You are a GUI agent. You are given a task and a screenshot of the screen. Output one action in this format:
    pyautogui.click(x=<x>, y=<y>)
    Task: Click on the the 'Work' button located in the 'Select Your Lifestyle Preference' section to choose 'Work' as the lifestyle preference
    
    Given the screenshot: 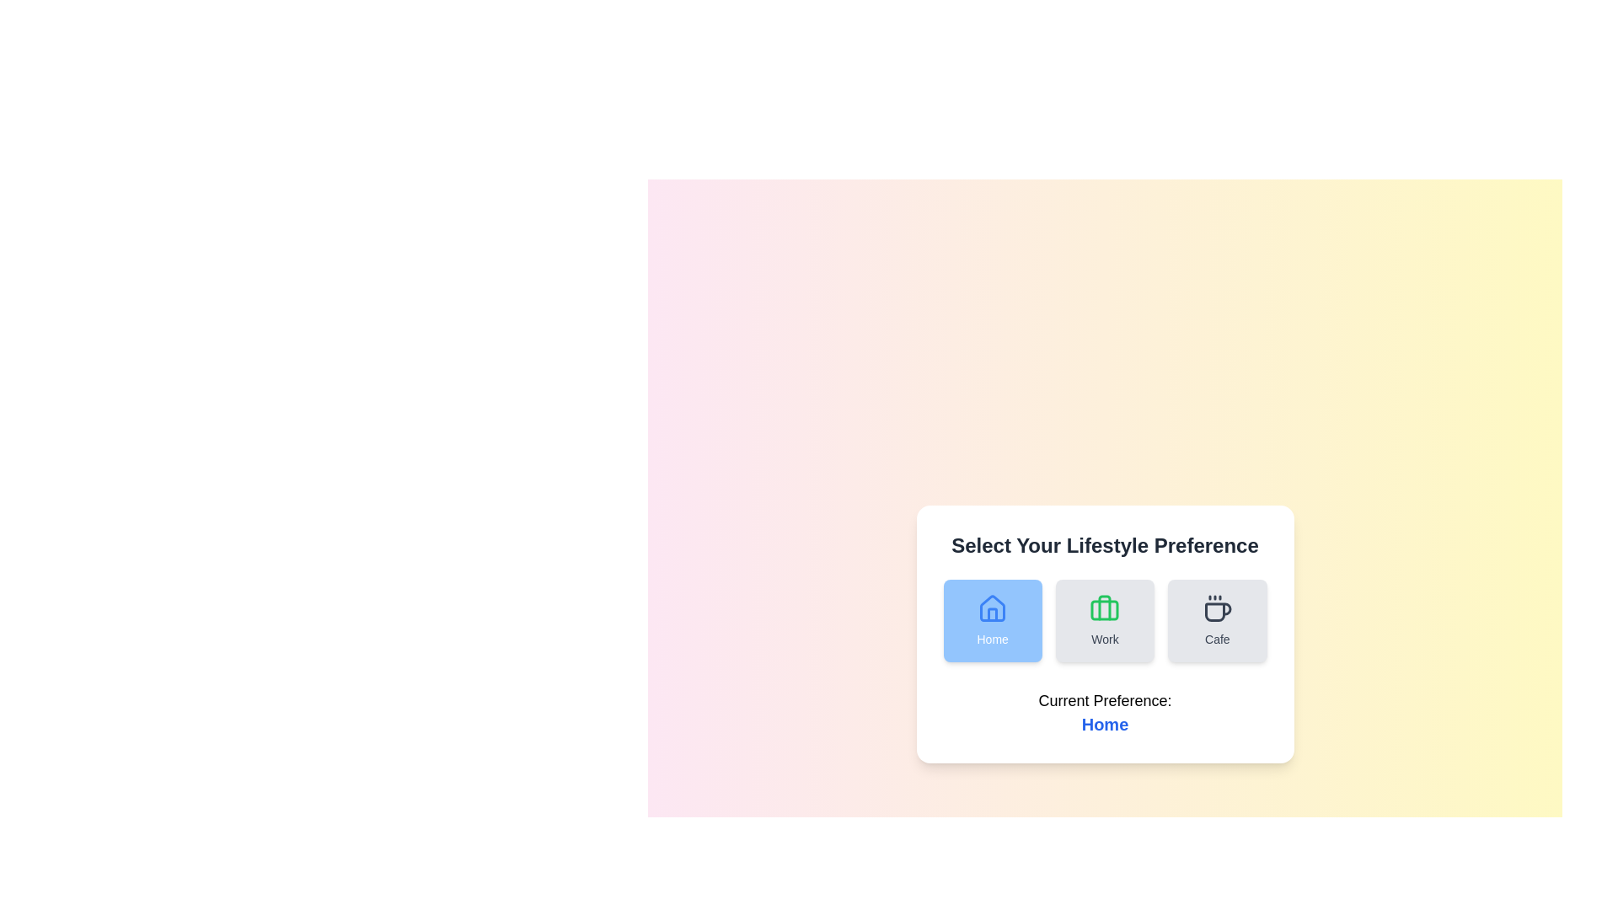 What is the action you would take?
    pyautogui.click(x=1104, y=620)
    